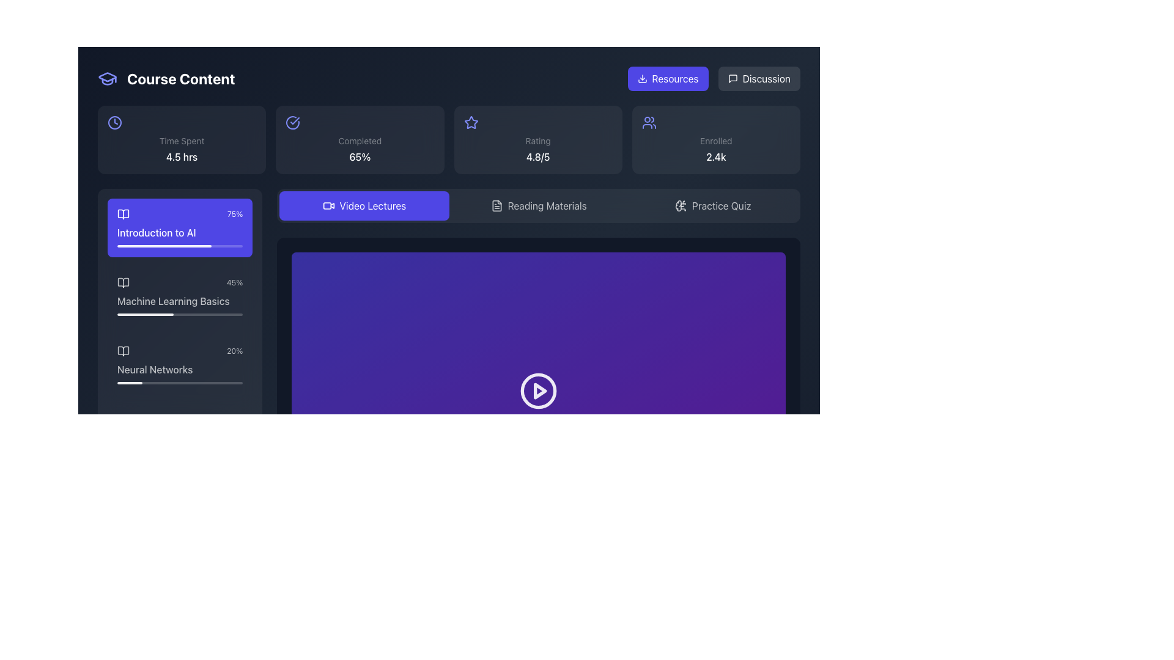  Describe the element at coordinates (123, 351) in the screenshot. I see `the 'Neural Networks' icon located in the left sidebar, which visually represents the 'Neural Networks' section and is positioned to the left of the accompanying text` at that location.